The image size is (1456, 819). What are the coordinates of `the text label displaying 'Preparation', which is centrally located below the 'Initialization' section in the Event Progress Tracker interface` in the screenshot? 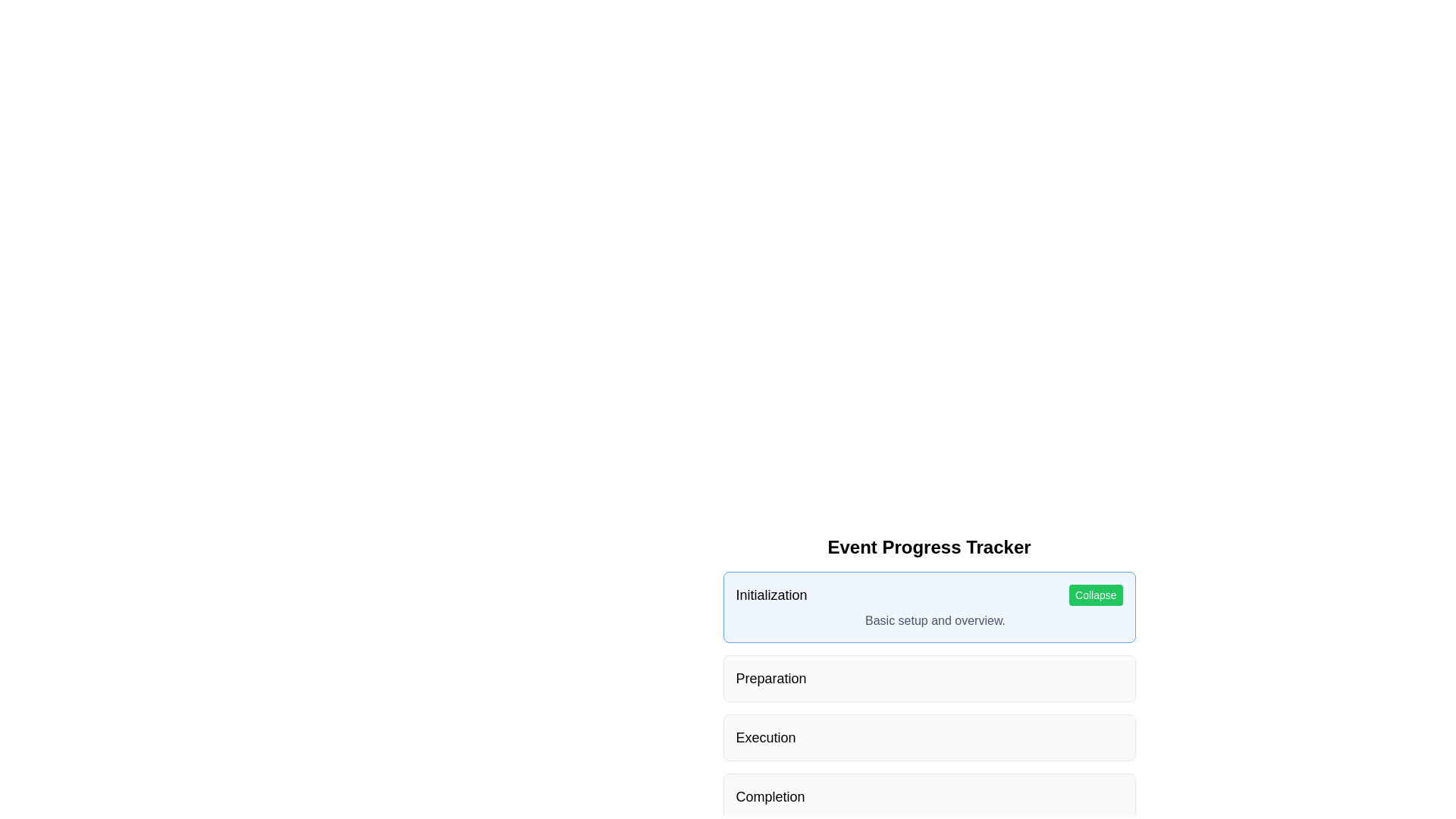 It's located at (771, 677).